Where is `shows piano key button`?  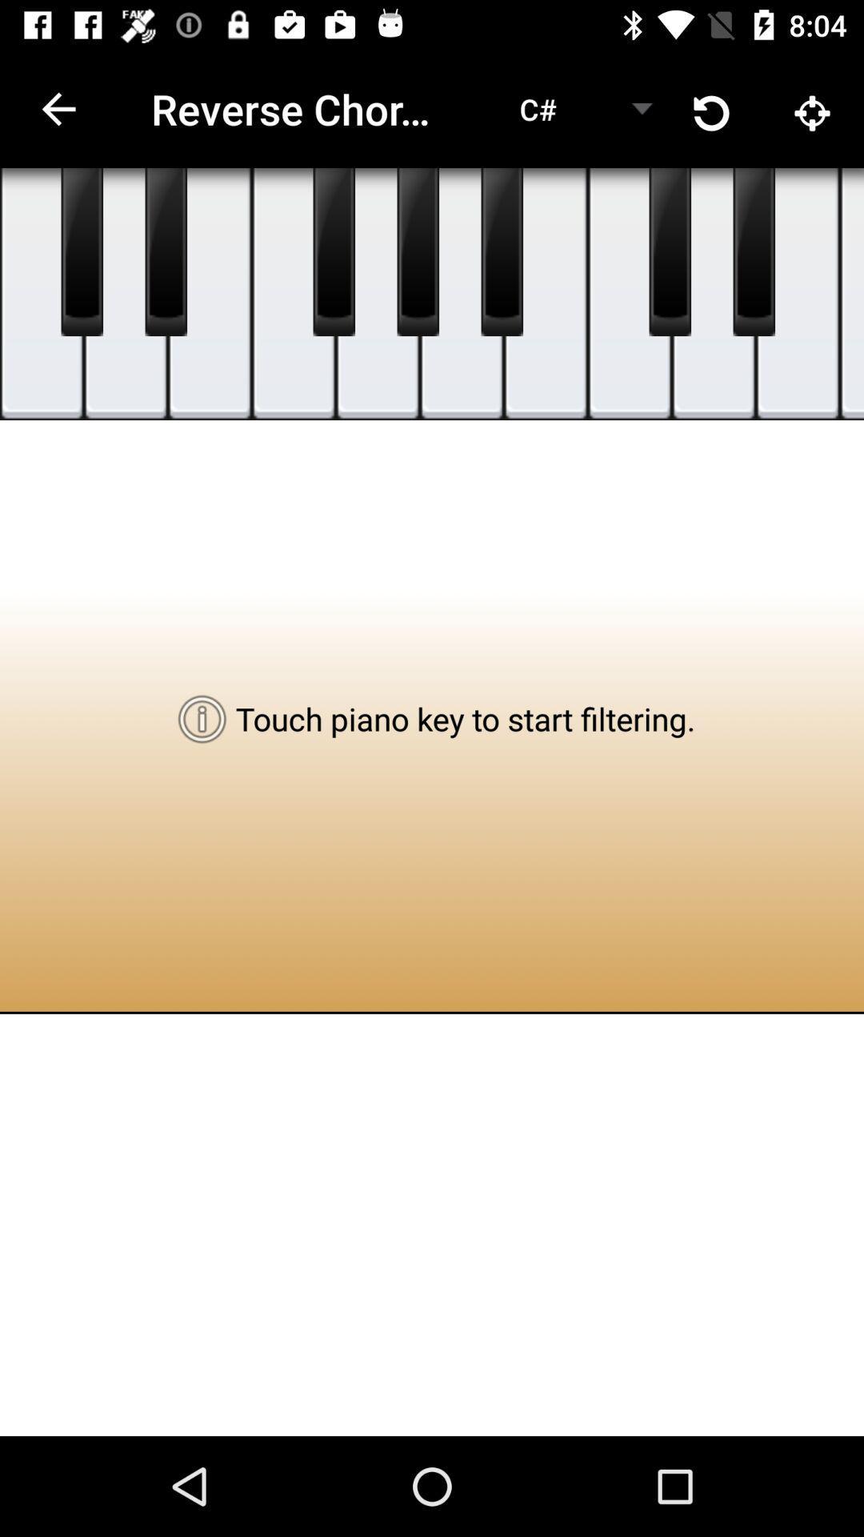
shows piano key button is located at coordinates (333, 251).